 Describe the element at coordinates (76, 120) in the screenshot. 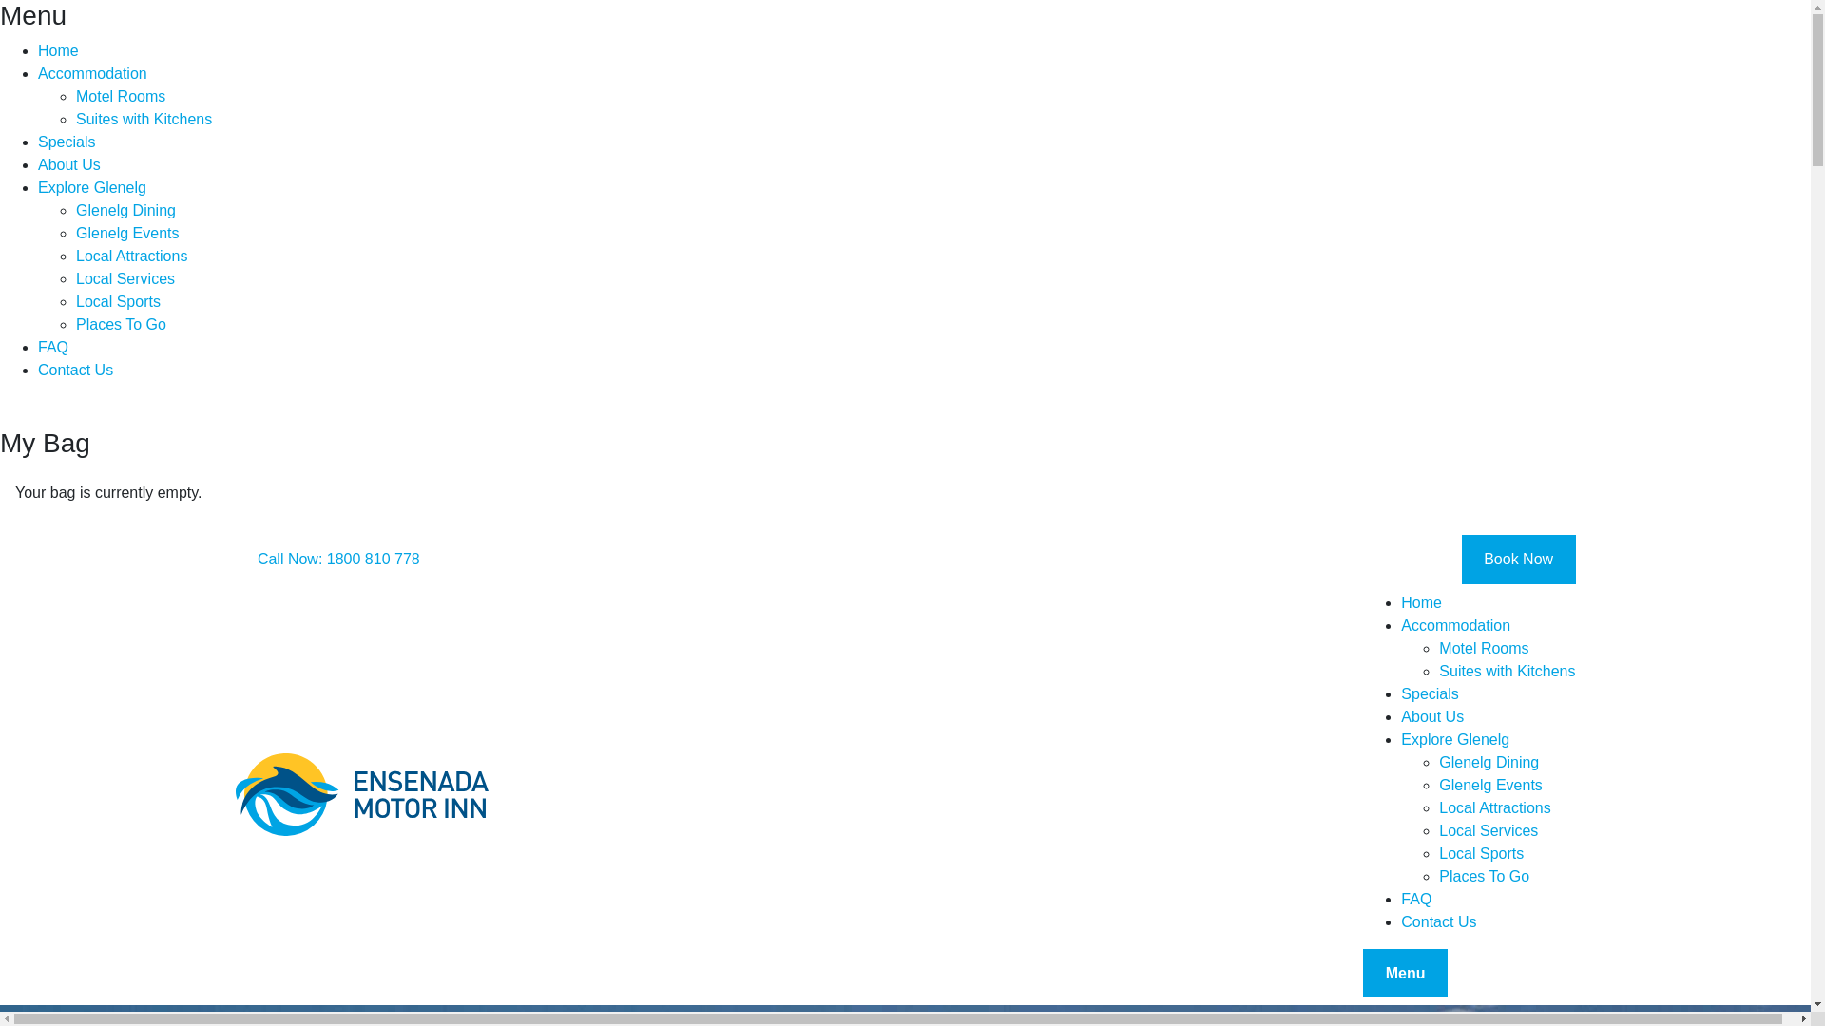

I see `'Suites with Kitchens'` at that location.